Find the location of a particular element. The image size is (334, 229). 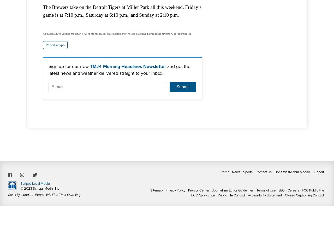

'© 2023 Scripps Media, Inc' is located at coordinates (39, 188).